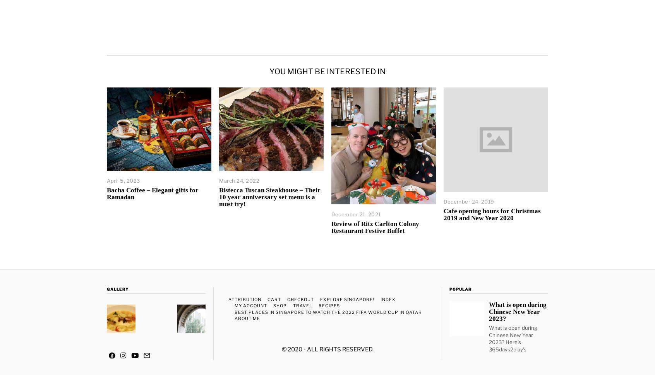 The width and height of the screenshot is (655, 375). What do you see at coordinates (123, 180) in the screenshot?
I see `'April 5, 2023'` at bounding box center [123, 180].